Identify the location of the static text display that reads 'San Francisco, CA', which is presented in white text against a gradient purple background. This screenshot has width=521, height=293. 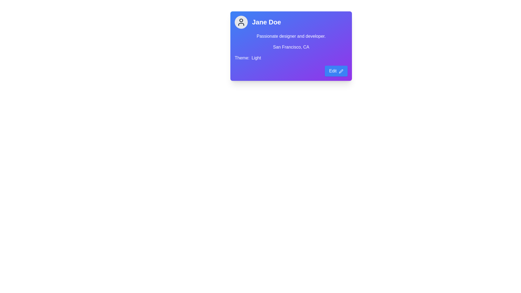
(291, 47).